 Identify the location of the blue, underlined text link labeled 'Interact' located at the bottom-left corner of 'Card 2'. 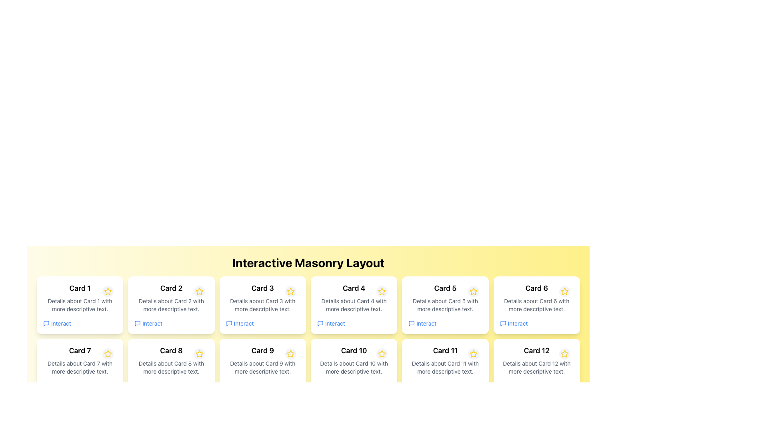
(148, 323).